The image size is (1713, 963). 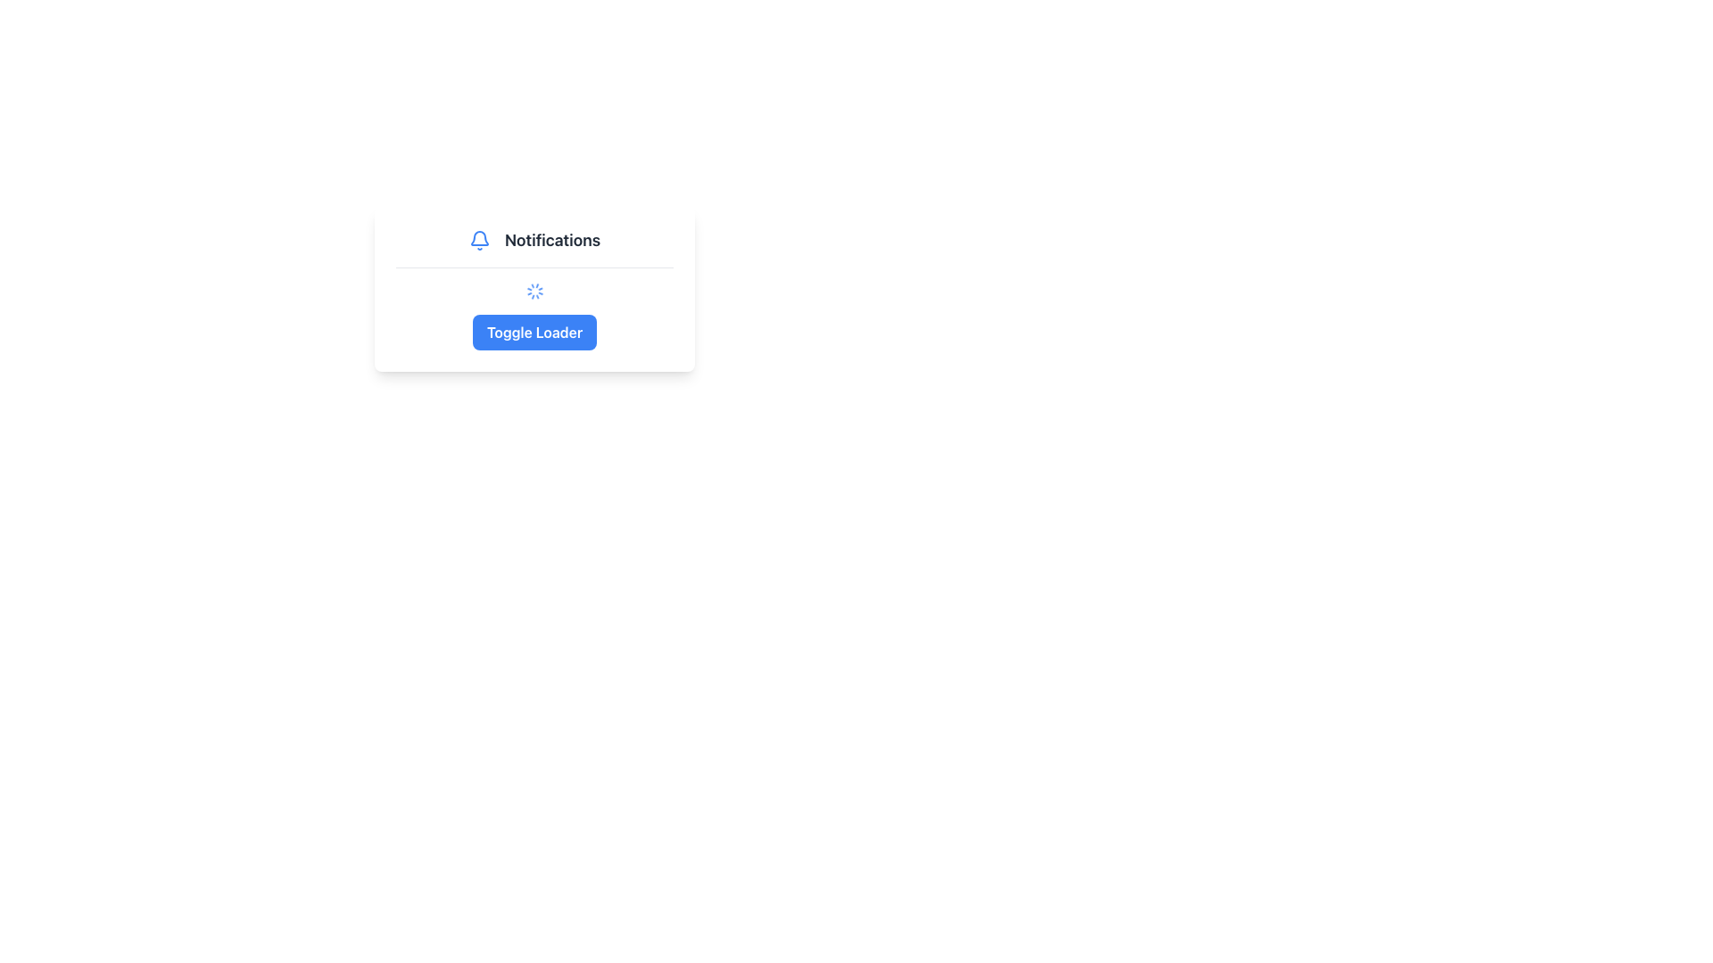 I want to click on the blue bell-shaped icon in the notification panel that symbolizes notifications, so click(x=479, y=241).